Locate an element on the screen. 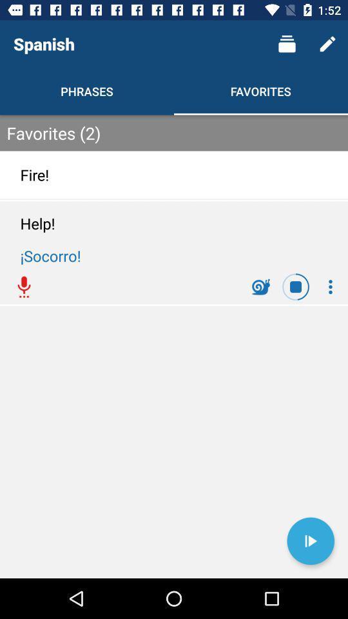 This screenshot has width=348, height=619. item above the favorites is located at coordinates (287, 44).